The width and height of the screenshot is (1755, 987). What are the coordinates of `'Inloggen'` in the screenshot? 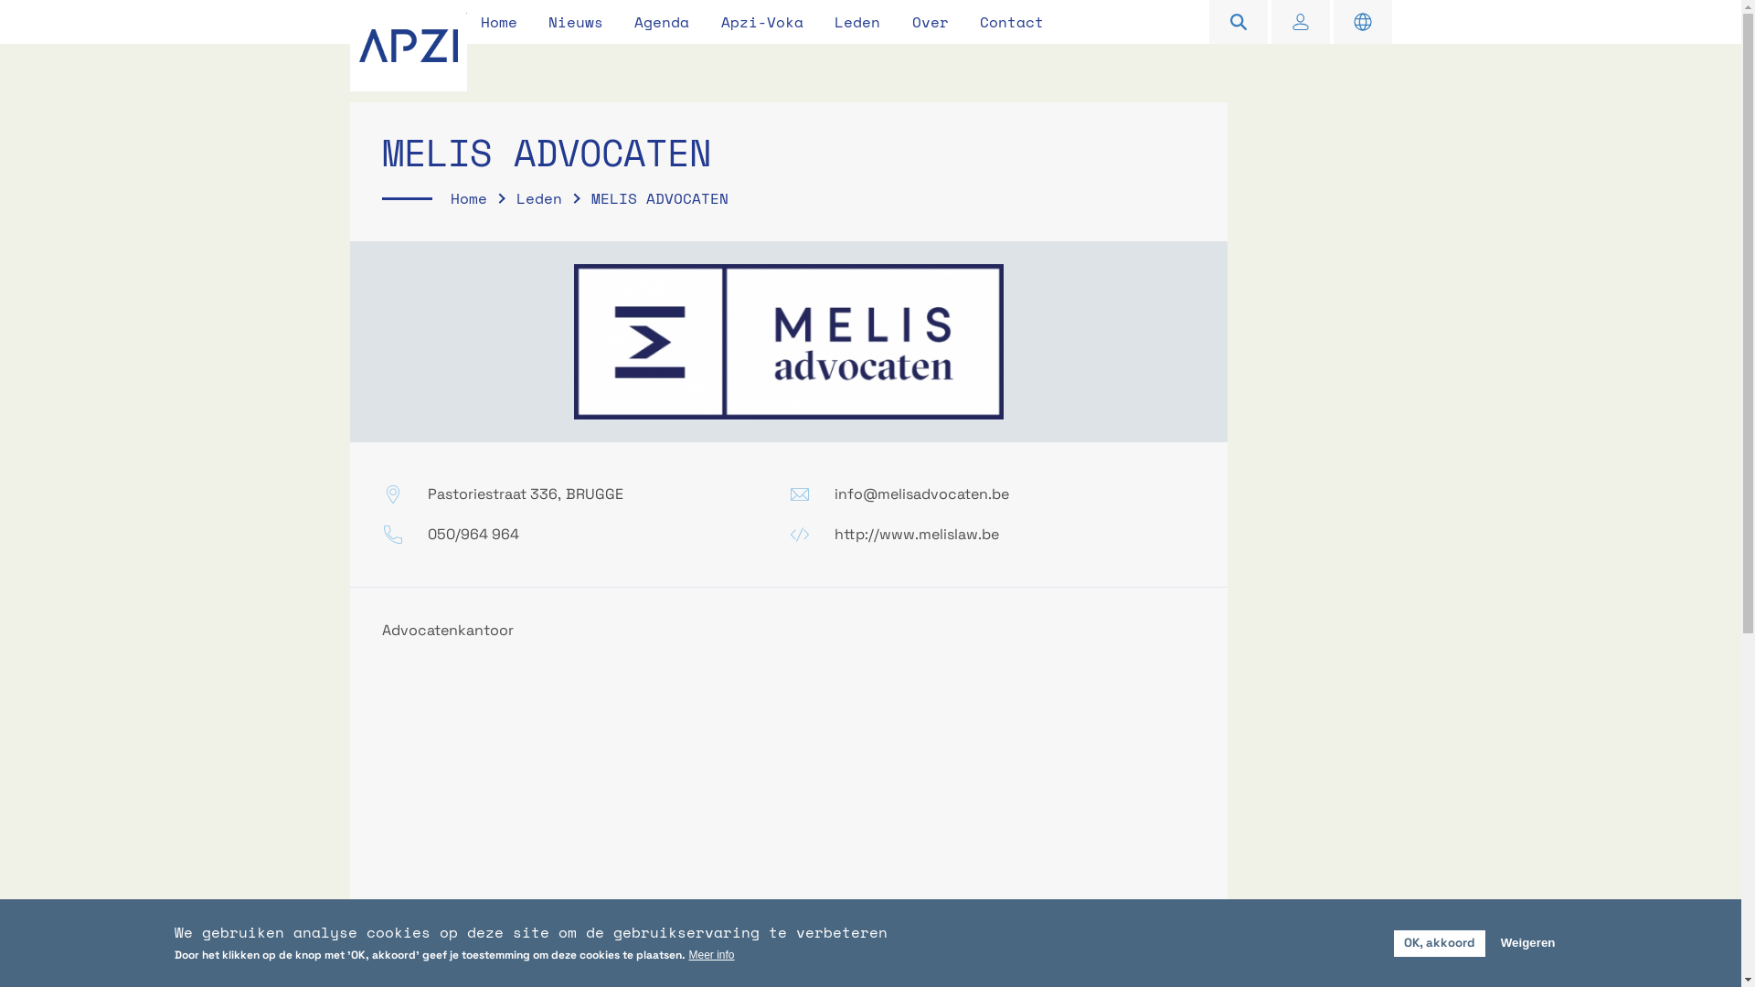 It's located at (1298, 21).